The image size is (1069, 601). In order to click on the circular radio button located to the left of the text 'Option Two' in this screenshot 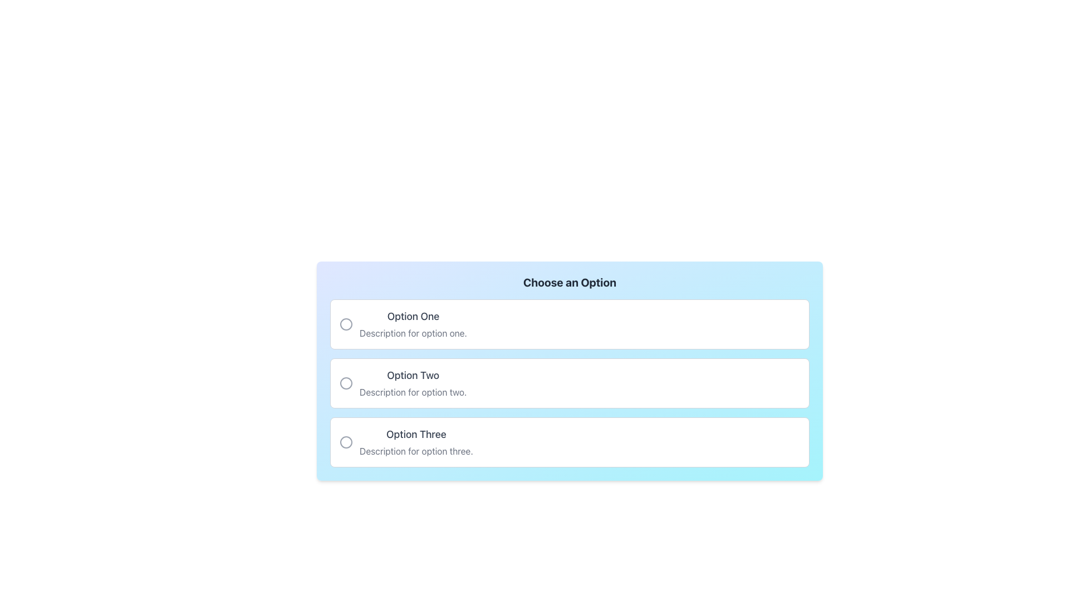, I will do `click(346, 383)`.